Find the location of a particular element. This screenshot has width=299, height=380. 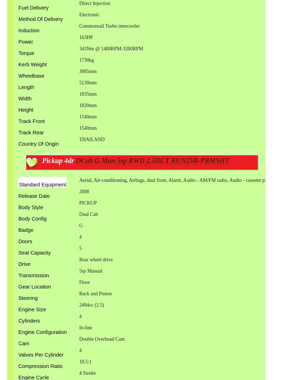

'Pickup 4dr' is located at coordinates (59, 160).